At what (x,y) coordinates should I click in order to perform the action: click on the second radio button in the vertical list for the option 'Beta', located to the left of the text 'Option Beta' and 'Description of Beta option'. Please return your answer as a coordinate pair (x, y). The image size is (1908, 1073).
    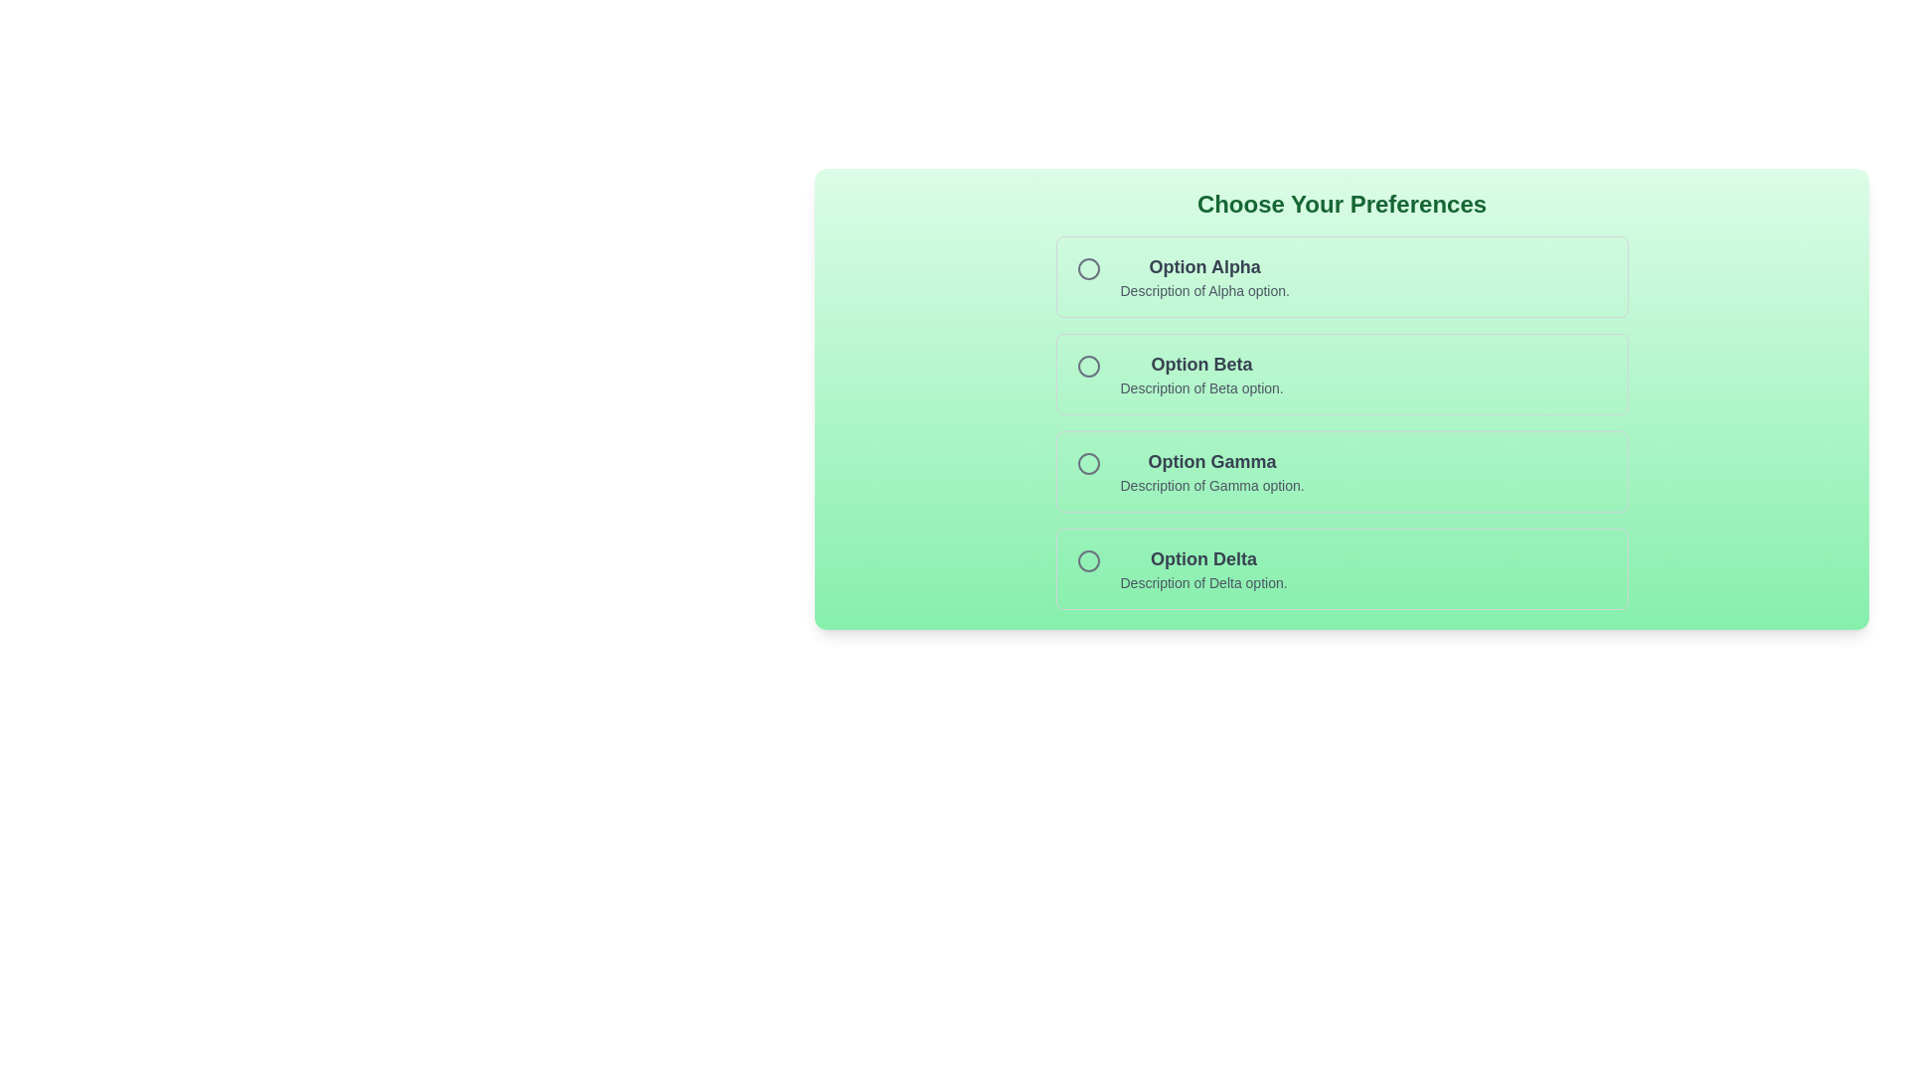
    Looking at the image, I should click on (1087, 367).